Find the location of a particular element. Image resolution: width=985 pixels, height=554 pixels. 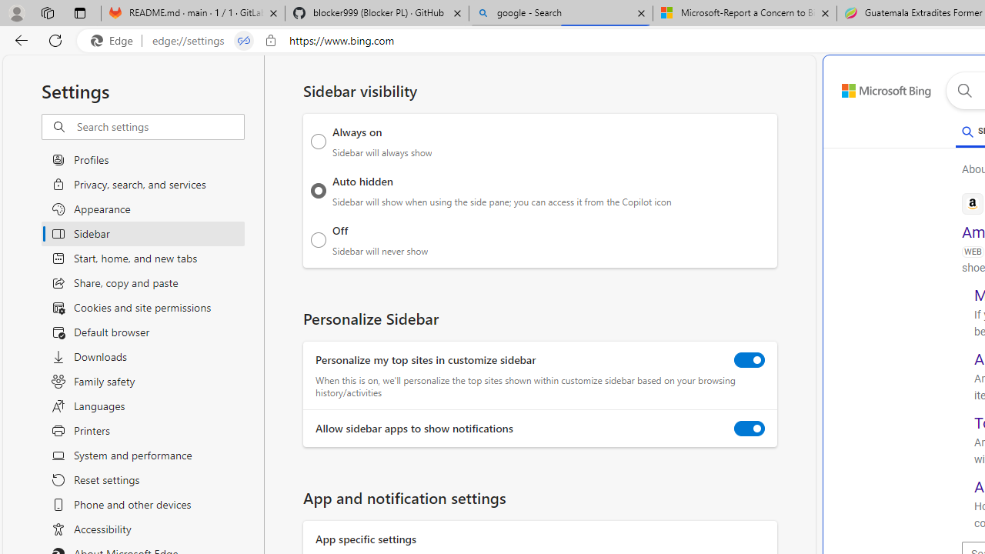

'Search settings' is located at coordinates (160, 126).